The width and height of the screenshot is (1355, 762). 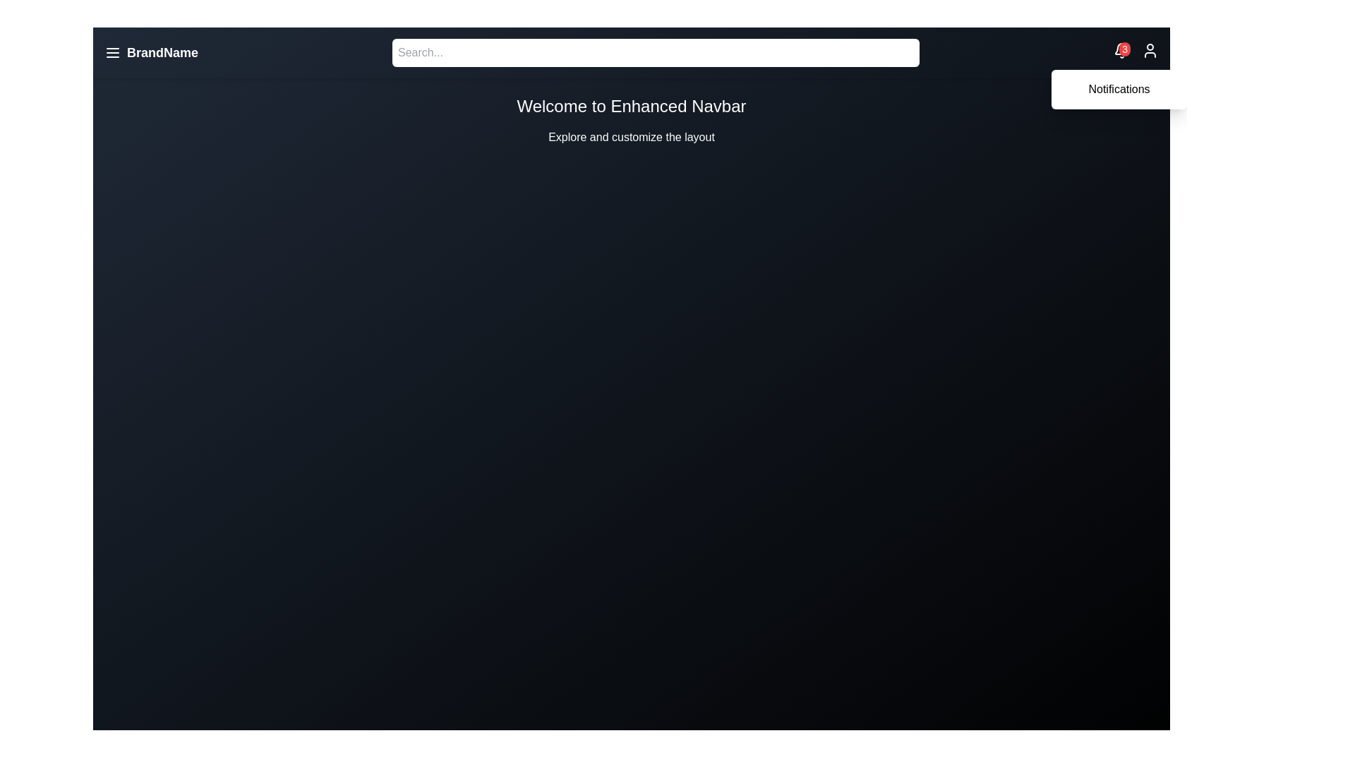 I want to click on the user icon in the navbar, so click(x=1150, y=52).